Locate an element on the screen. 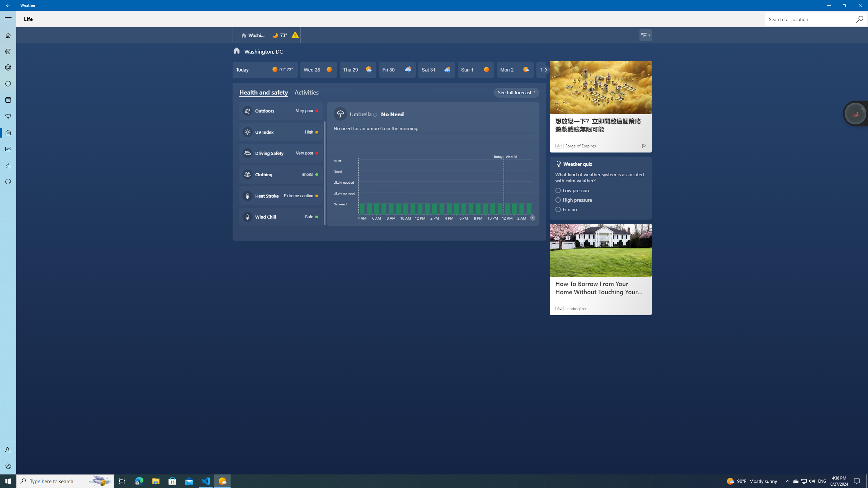  'Hourly Forecast - Not Selected' is located at coordinates (8, 84).